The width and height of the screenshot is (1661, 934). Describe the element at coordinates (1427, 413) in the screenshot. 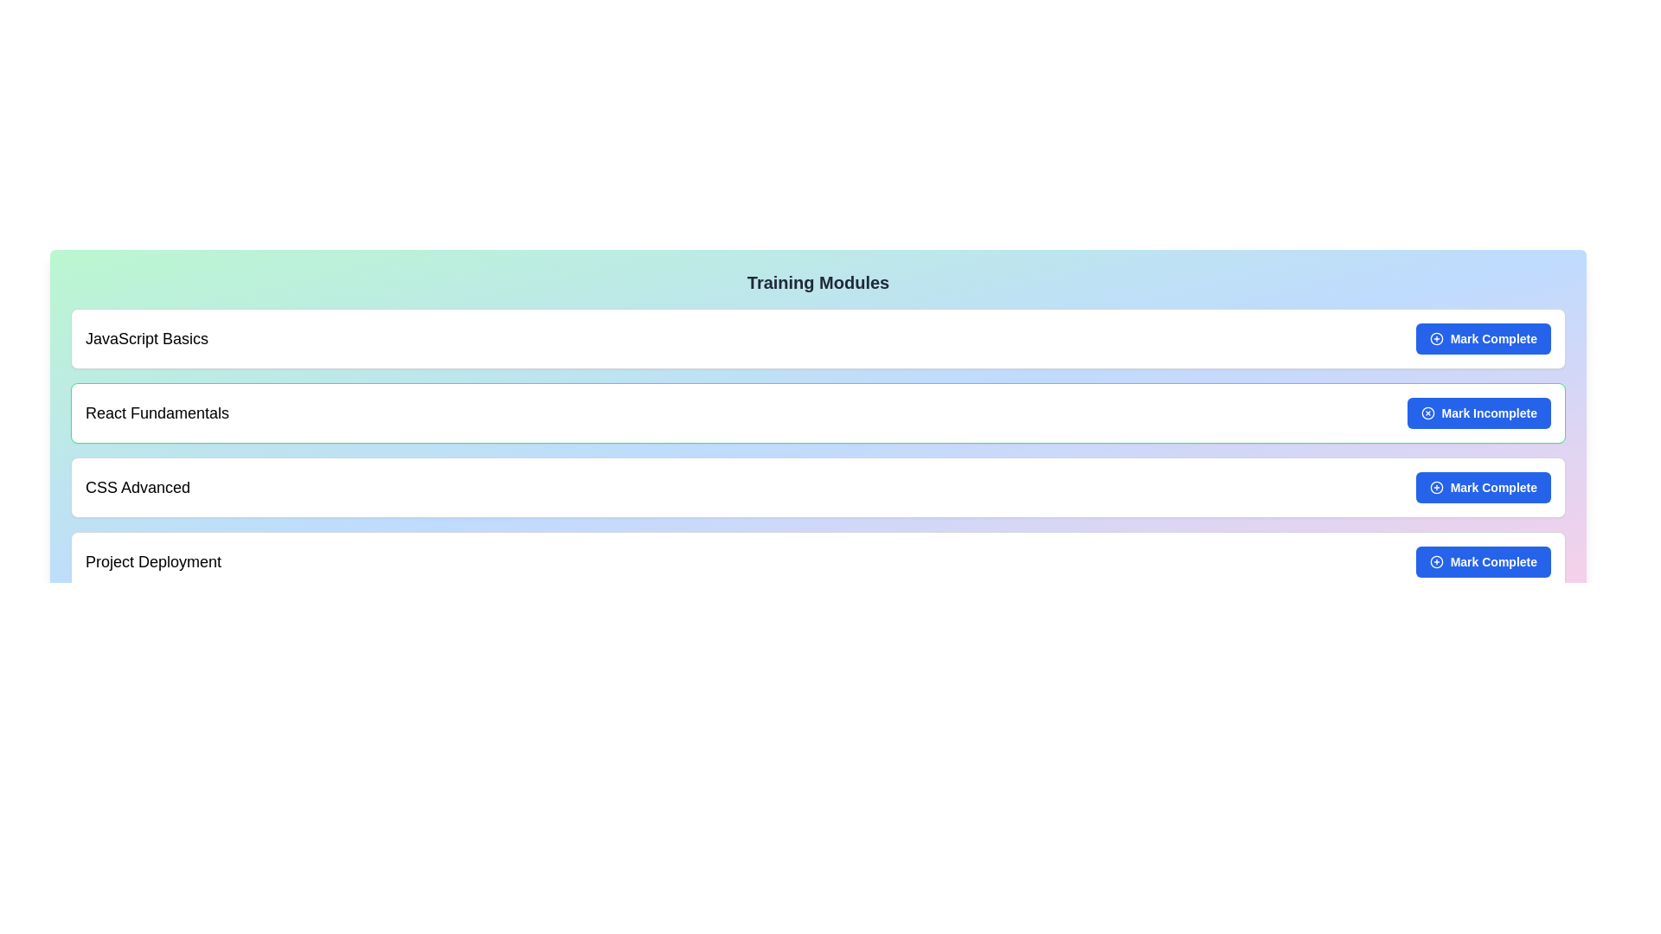

I see `the small circular icon with a cross inside, located within the 'Mark Incomplete' button, positioned to the left of the text label` at that location.